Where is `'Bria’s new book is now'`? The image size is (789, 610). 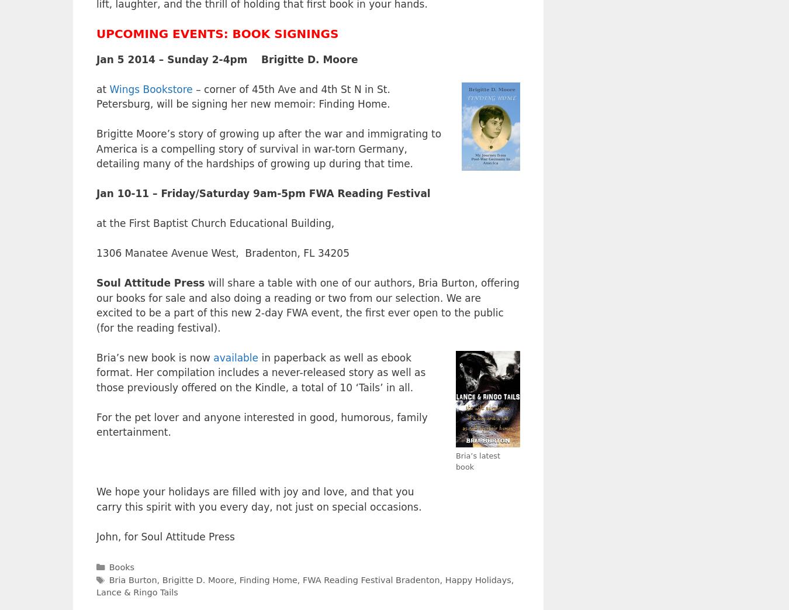
'Bria’s new book is now' is located at coordinates (96, 356).